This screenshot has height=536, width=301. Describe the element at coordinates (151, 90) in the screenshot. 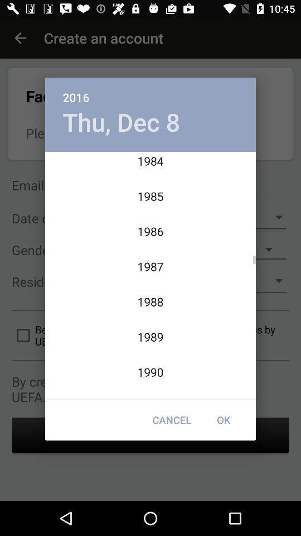

I see `the 2016` at that location.